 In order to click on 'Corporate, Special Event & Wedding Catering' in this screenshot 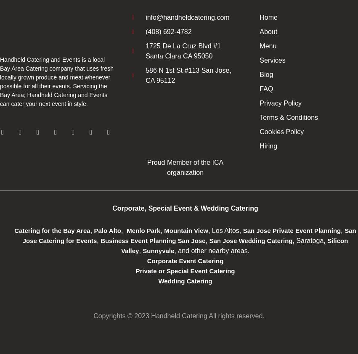, I will do `click(185, 208)`.